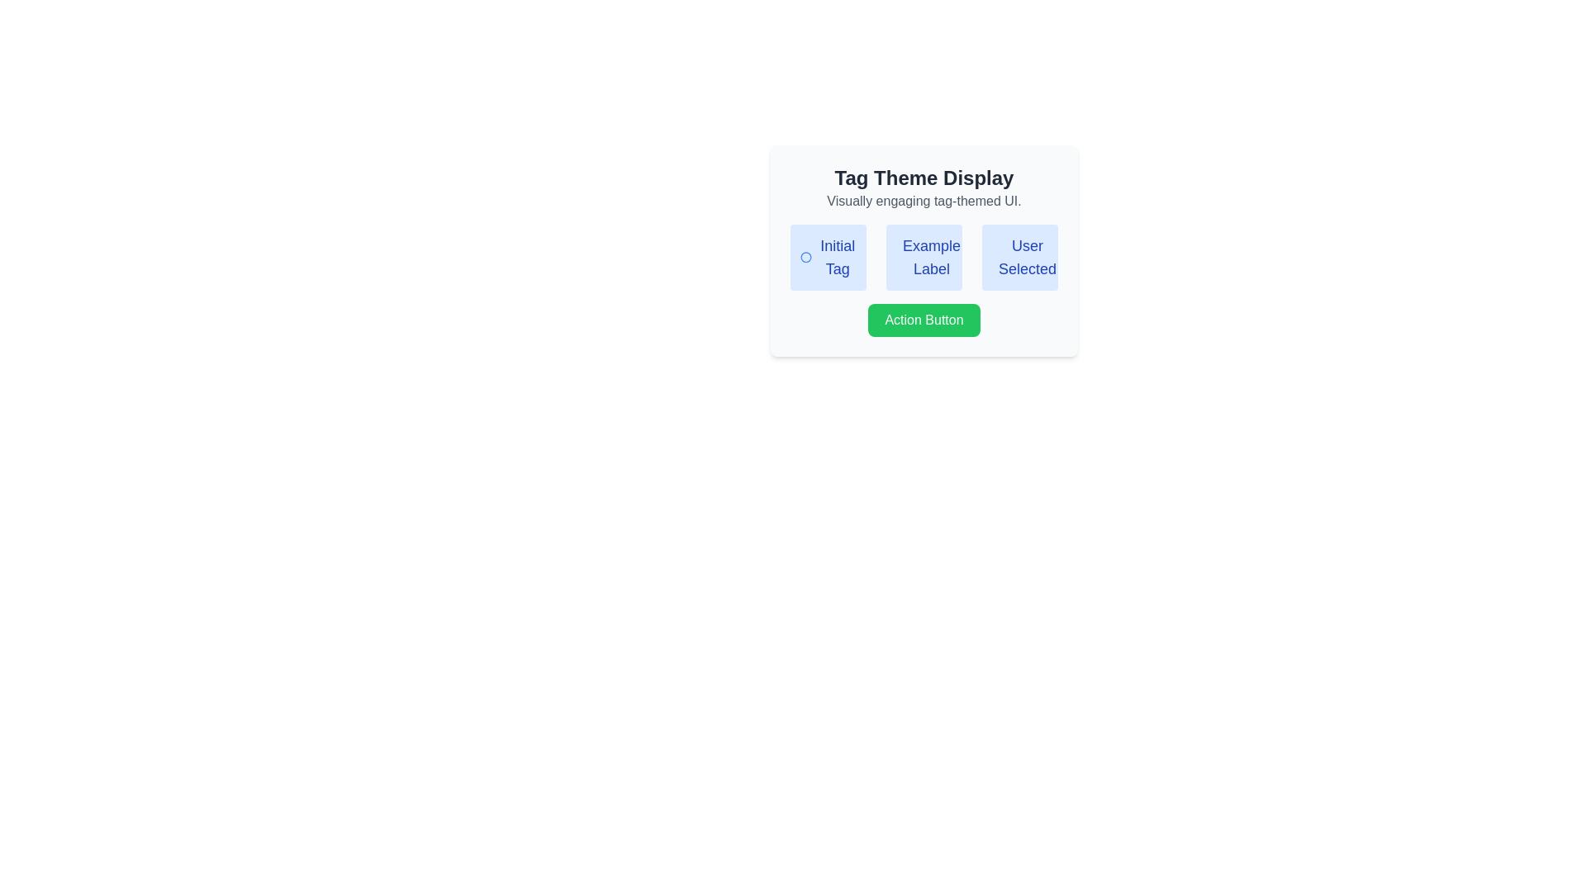 This screenshot has width=1586, height=892. Describe the element at coordinates (923, 320) in the screenshot. I see `the button located at the bottom center of the 'Tag Theme Display' section for keyboard navigation` at that location.